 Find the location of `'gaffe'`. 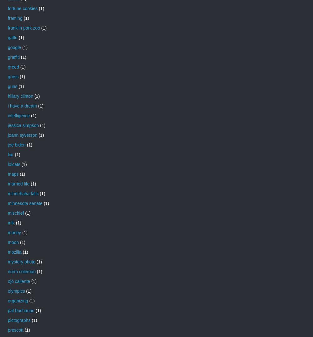

'gaffe' is located at coordinates (8, 37).